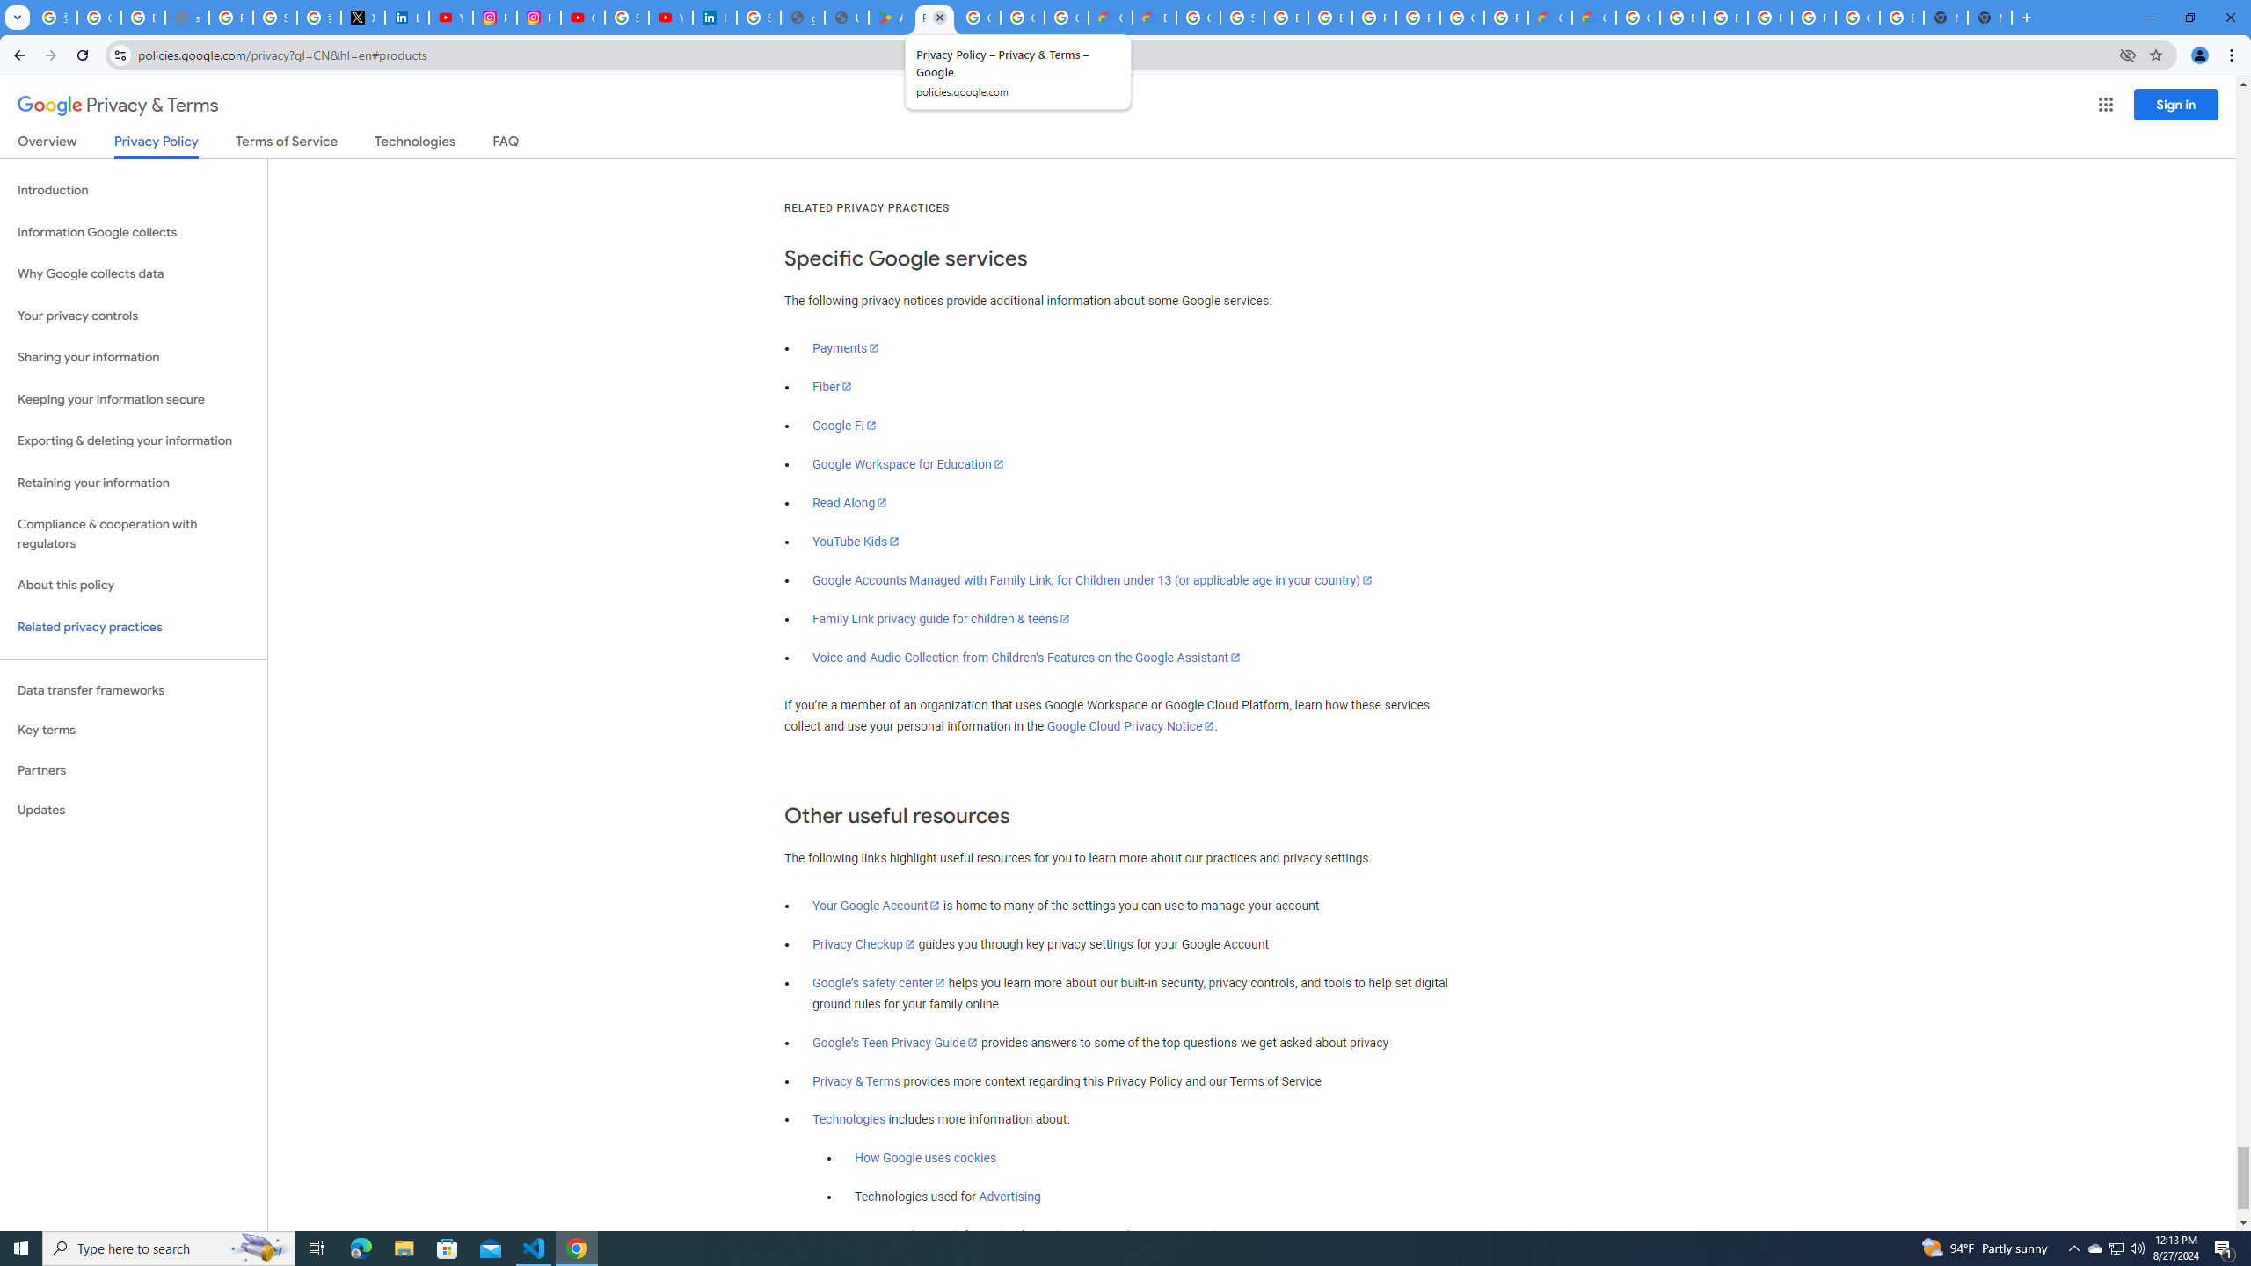 This screenshot has width=2251, height=1266. I want to click on 'User Details', so click(846, 17).